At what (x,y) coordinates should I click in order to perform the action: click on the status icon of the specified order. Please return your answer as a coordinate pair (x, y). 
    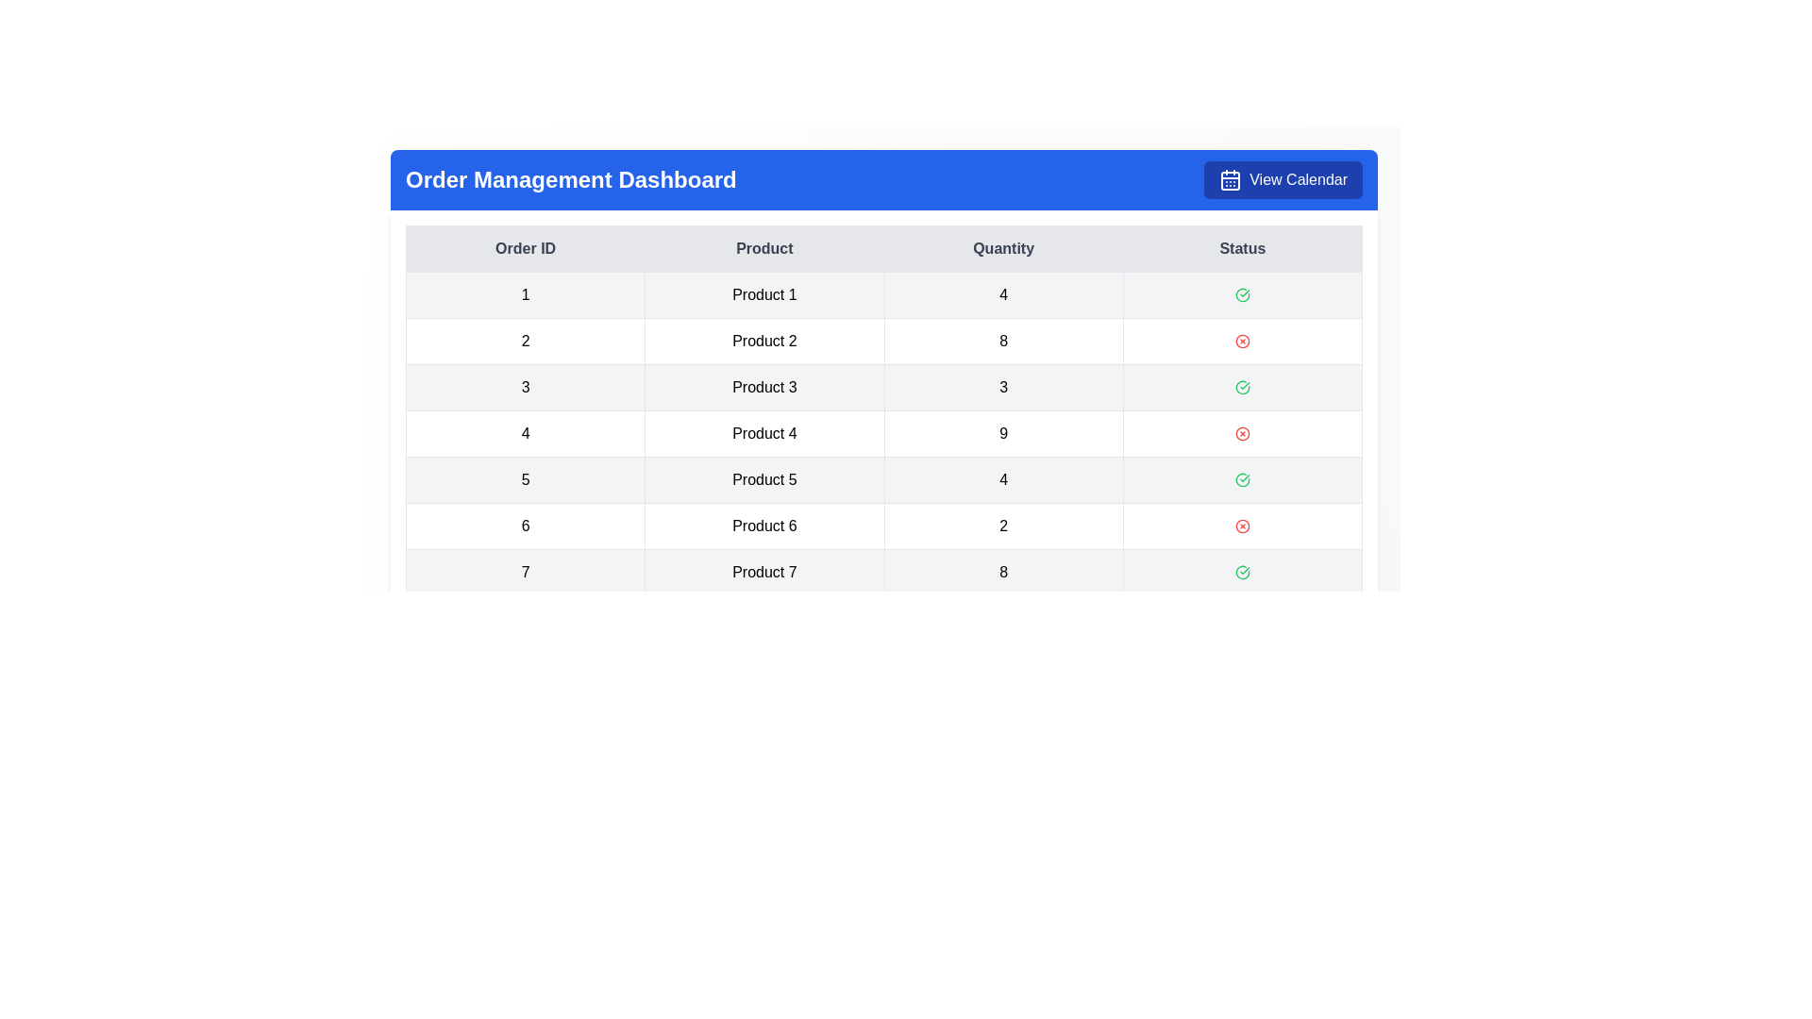
    Looking at the image, I should click on (1242, 294).